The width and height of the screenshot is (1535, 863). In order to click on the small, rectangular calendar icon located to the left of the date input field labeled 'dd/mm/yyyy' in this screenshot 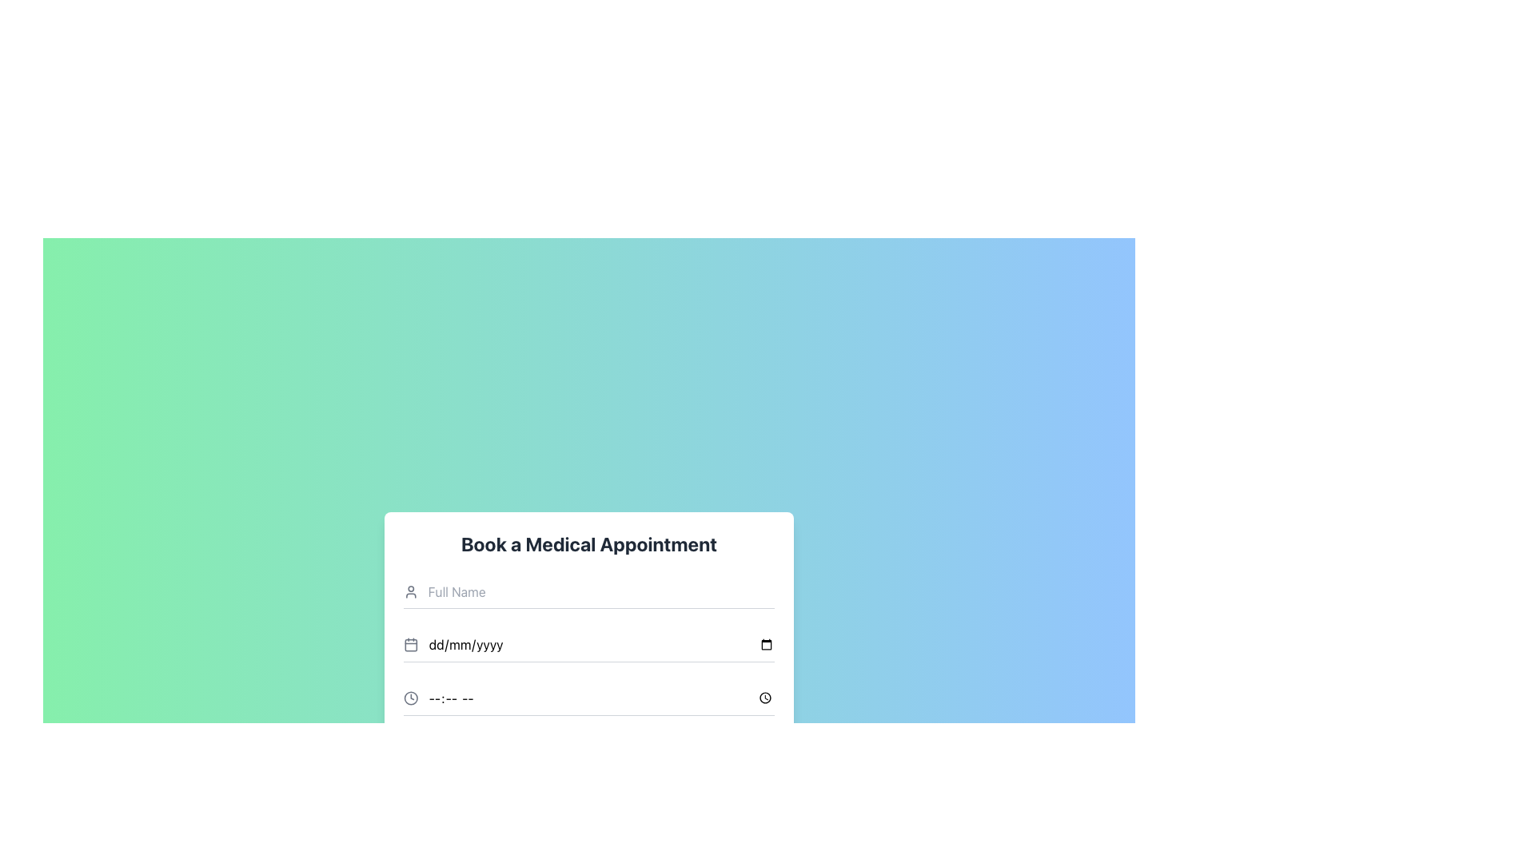, I will do `click(411, 644)`.